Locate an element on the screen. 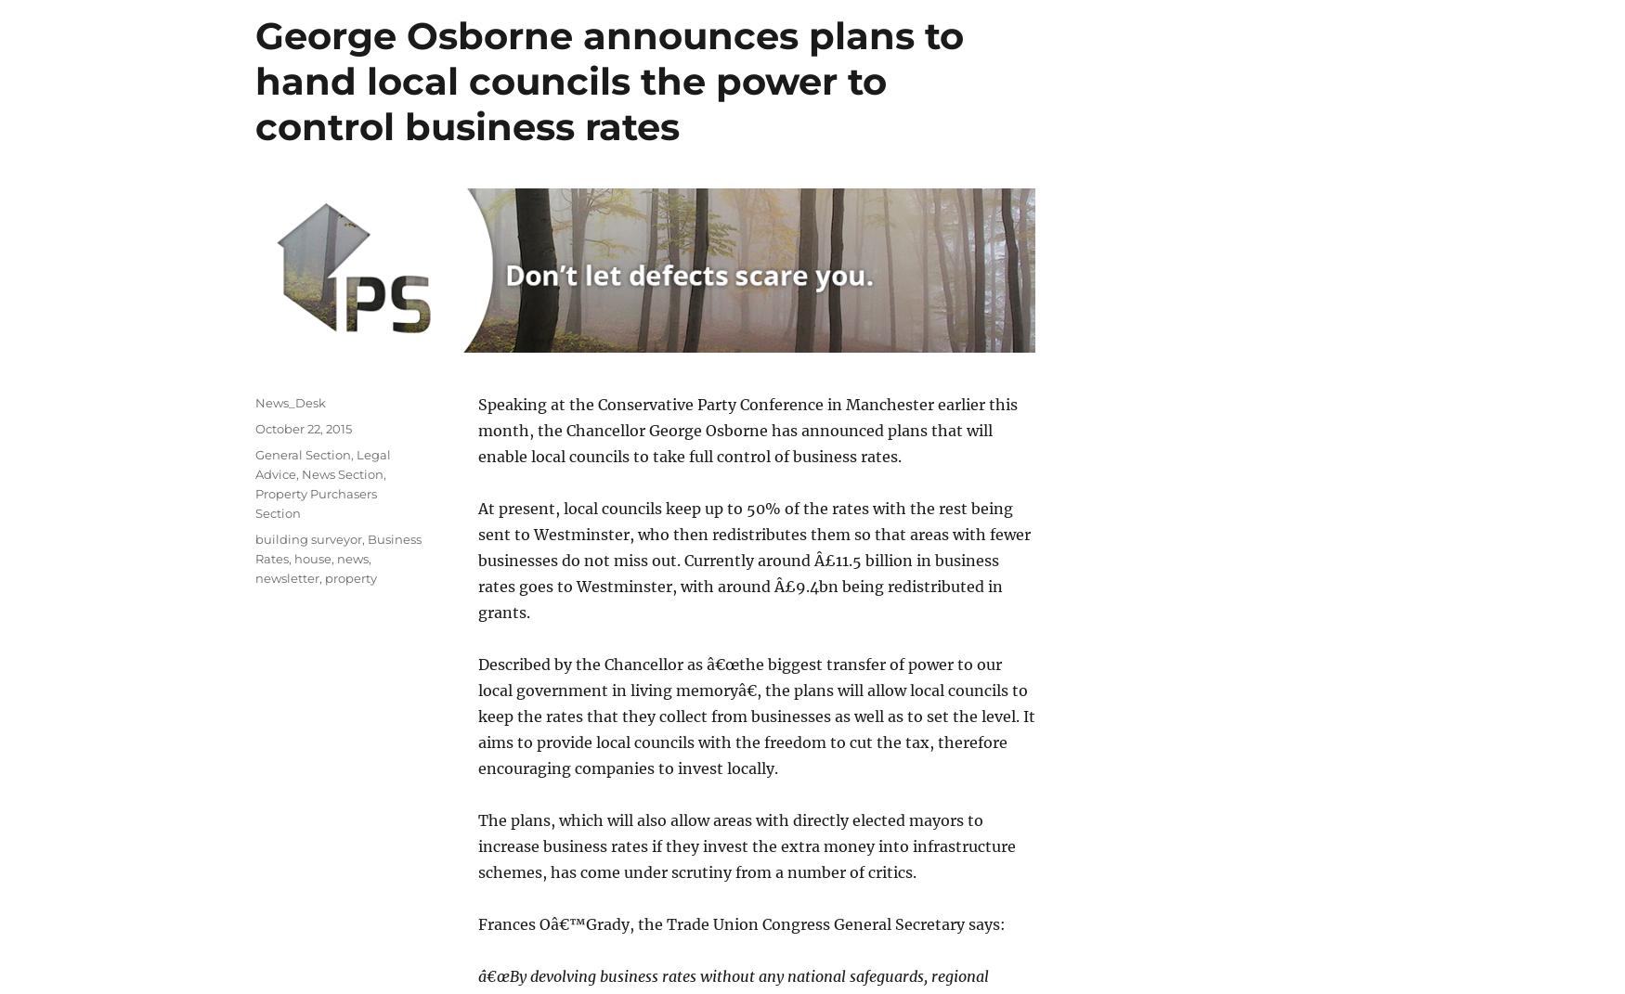 Image resolution: width=1625 pixels, height=994 pixels. 'building surveyor' is located at coordinates (308, 537).